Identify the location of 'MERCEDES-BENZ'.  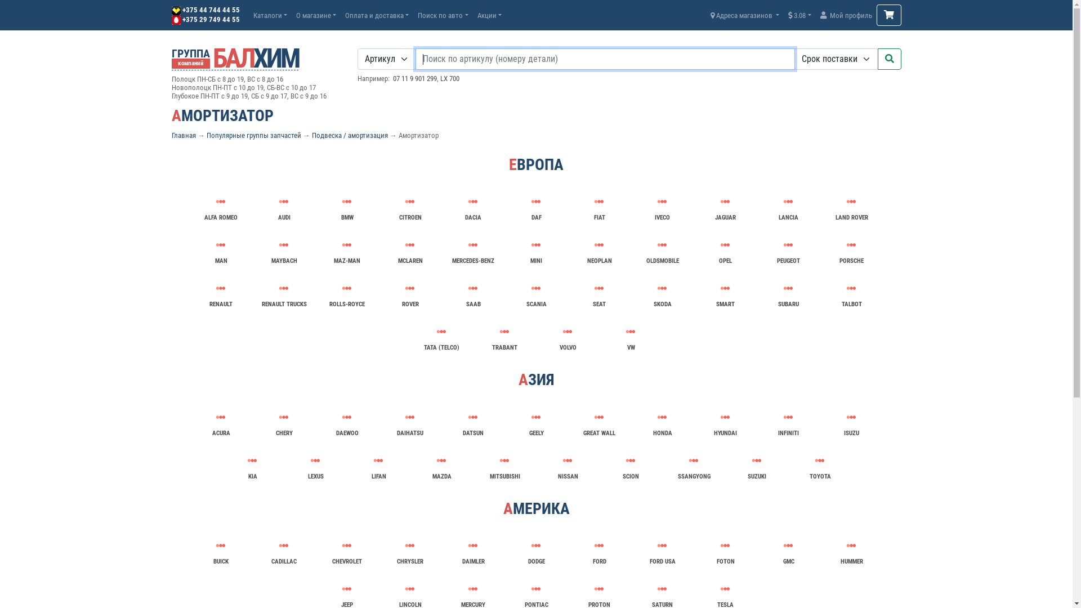
(473, 244).